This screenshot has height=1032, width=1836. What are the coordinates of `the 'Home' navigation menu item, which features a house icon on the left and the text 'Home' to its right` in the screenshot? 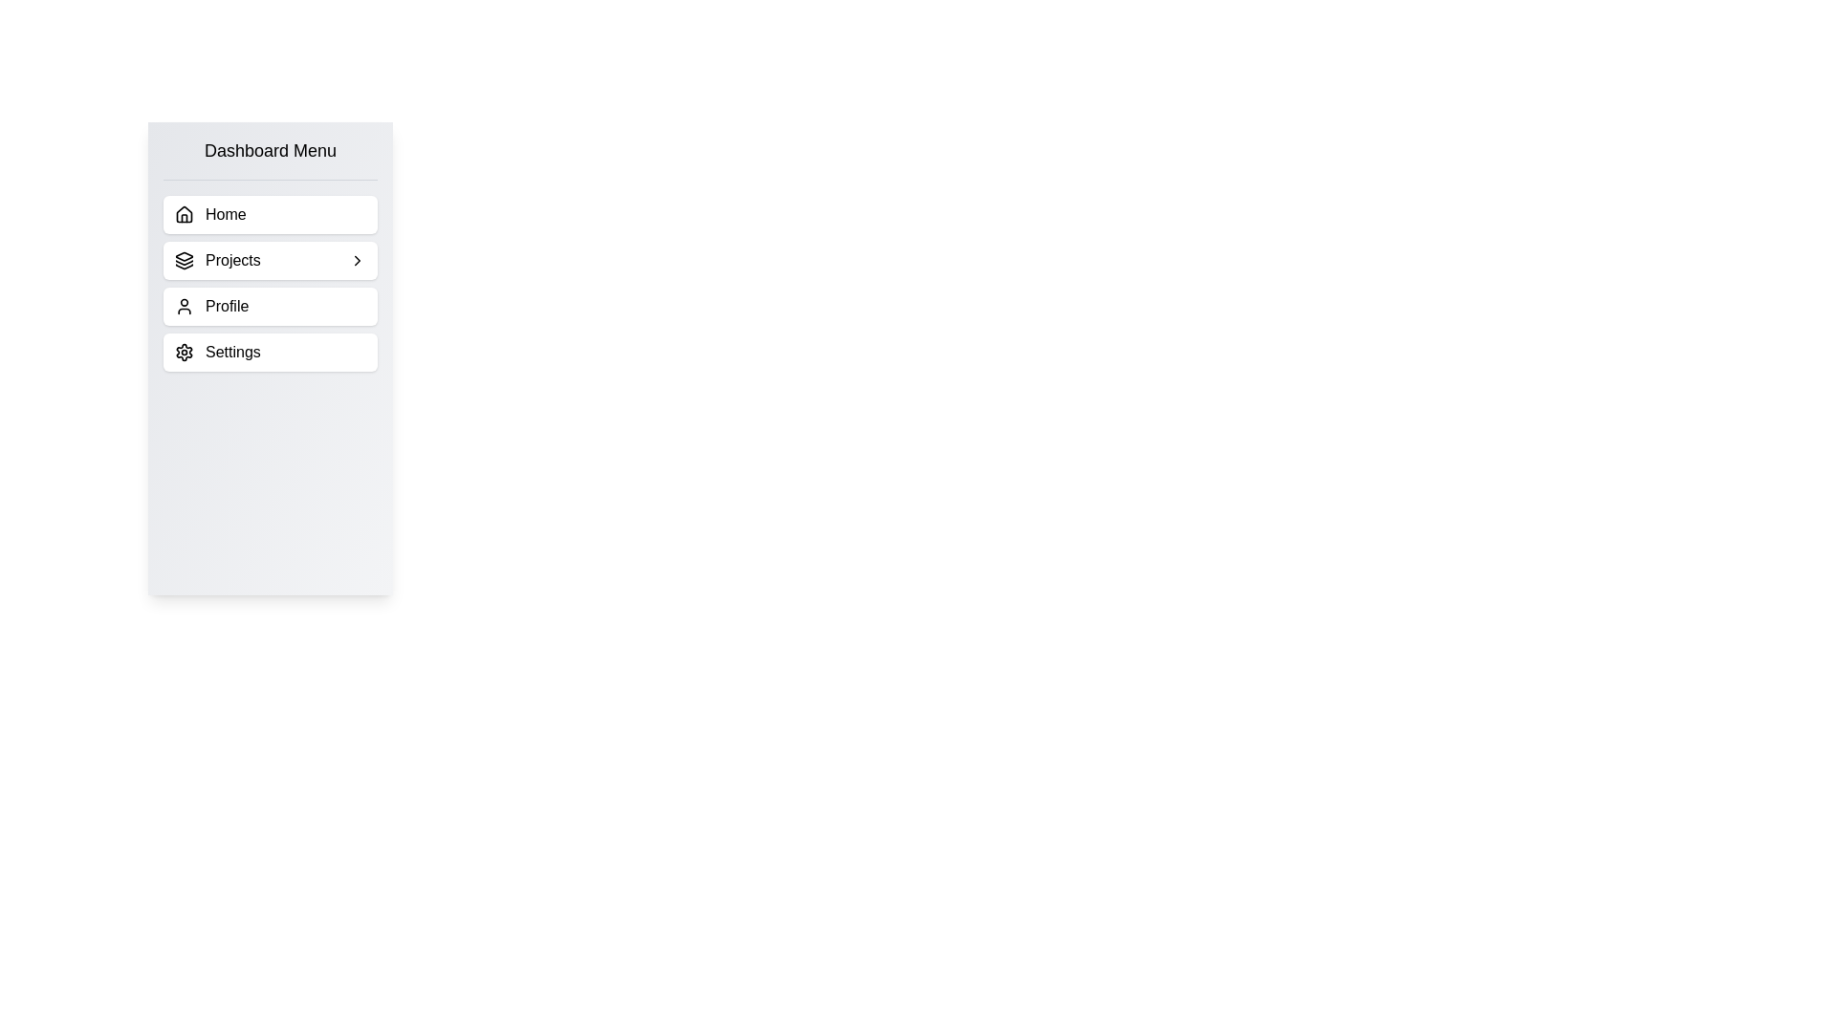 It's located at (210, 214).